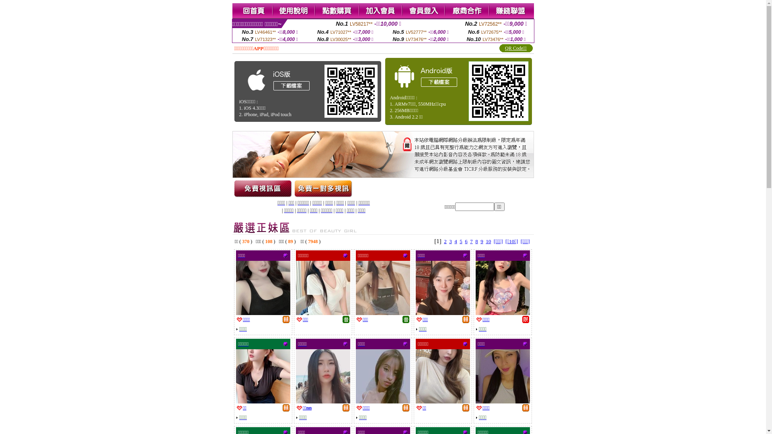 The width and height of the screenshot is (772, 434). I want to click on '9', so click(480, 241).